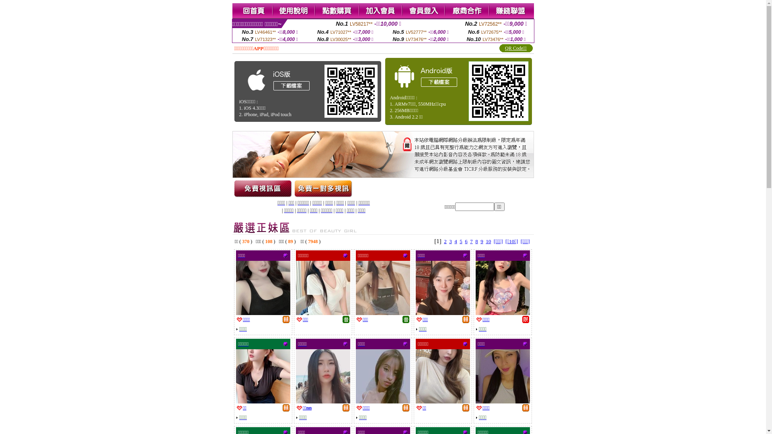 The width and height of the screenshot is (772, 434). I want to click on '9', so click(480, 241).